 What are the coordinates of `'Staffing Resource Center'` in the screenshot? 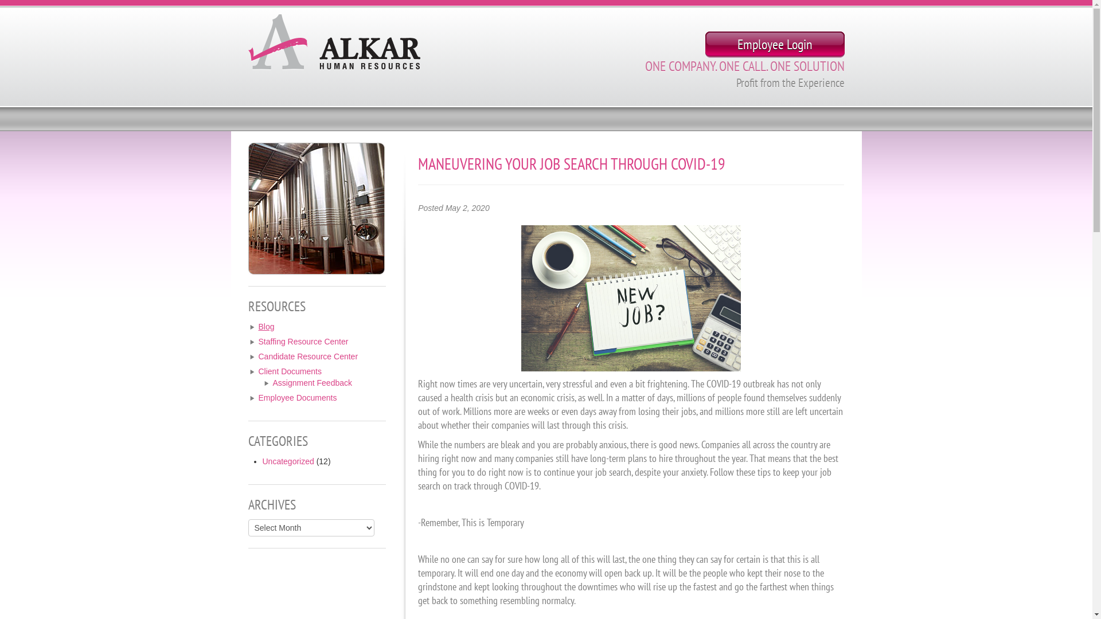 It's located at (303, 341).